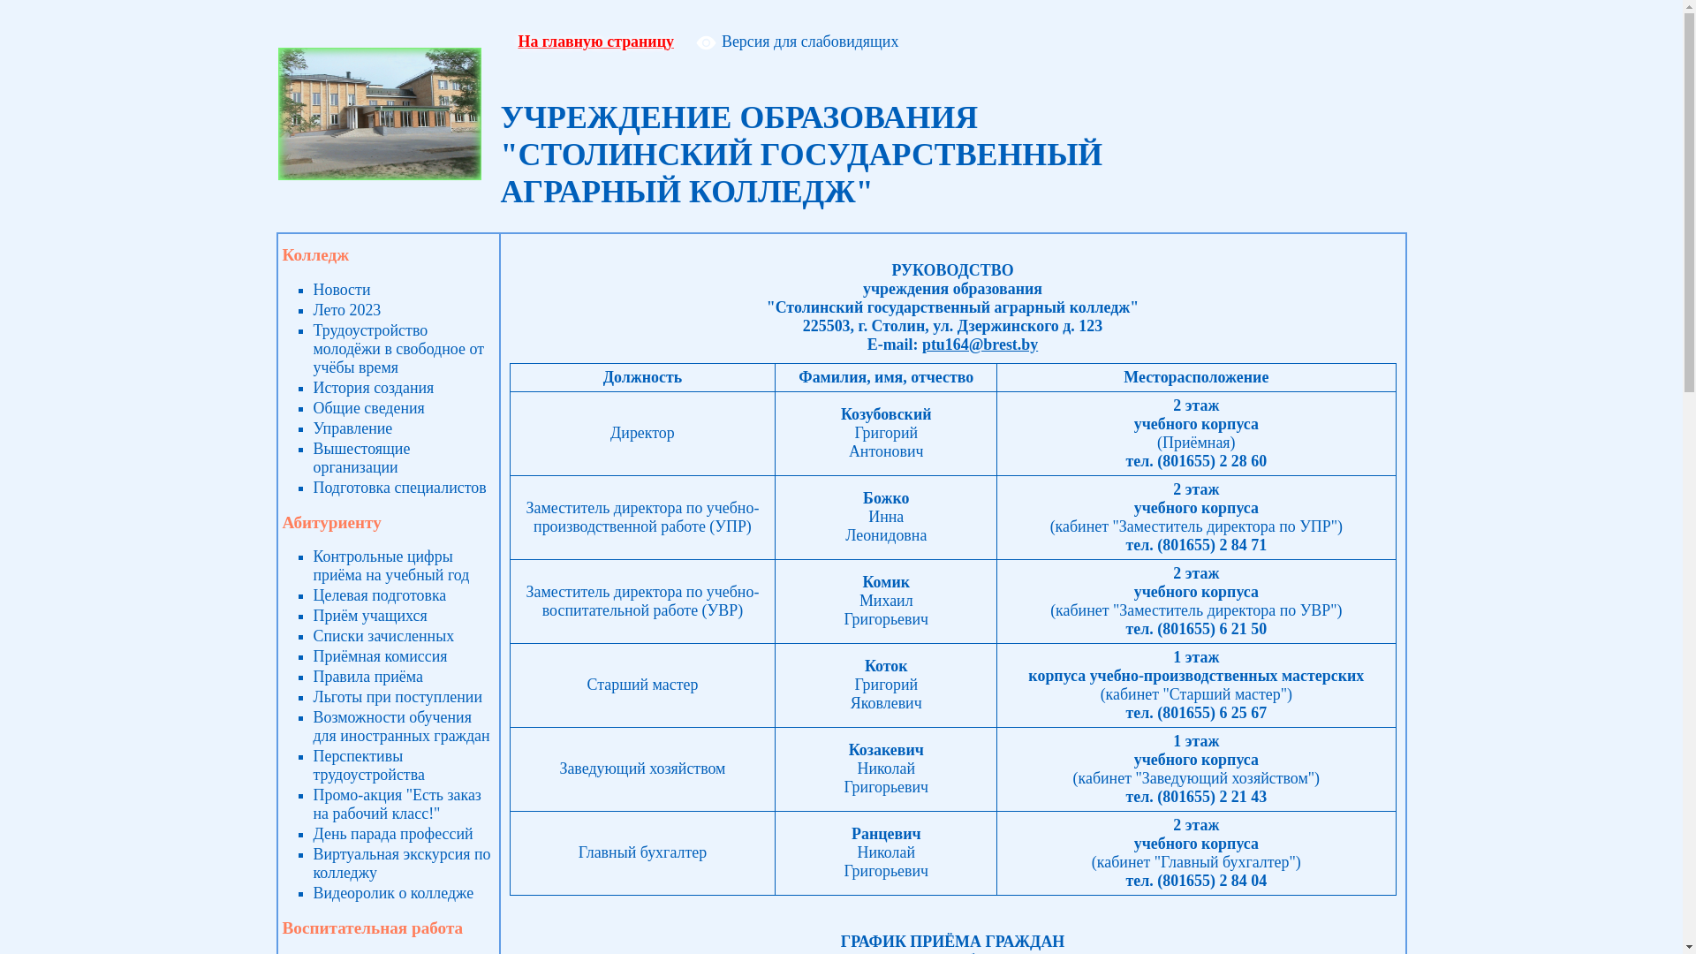 The height and width of the screenshot is (954, 1696). I want to click on 'ptu164@brest.by', so click(979, 344).